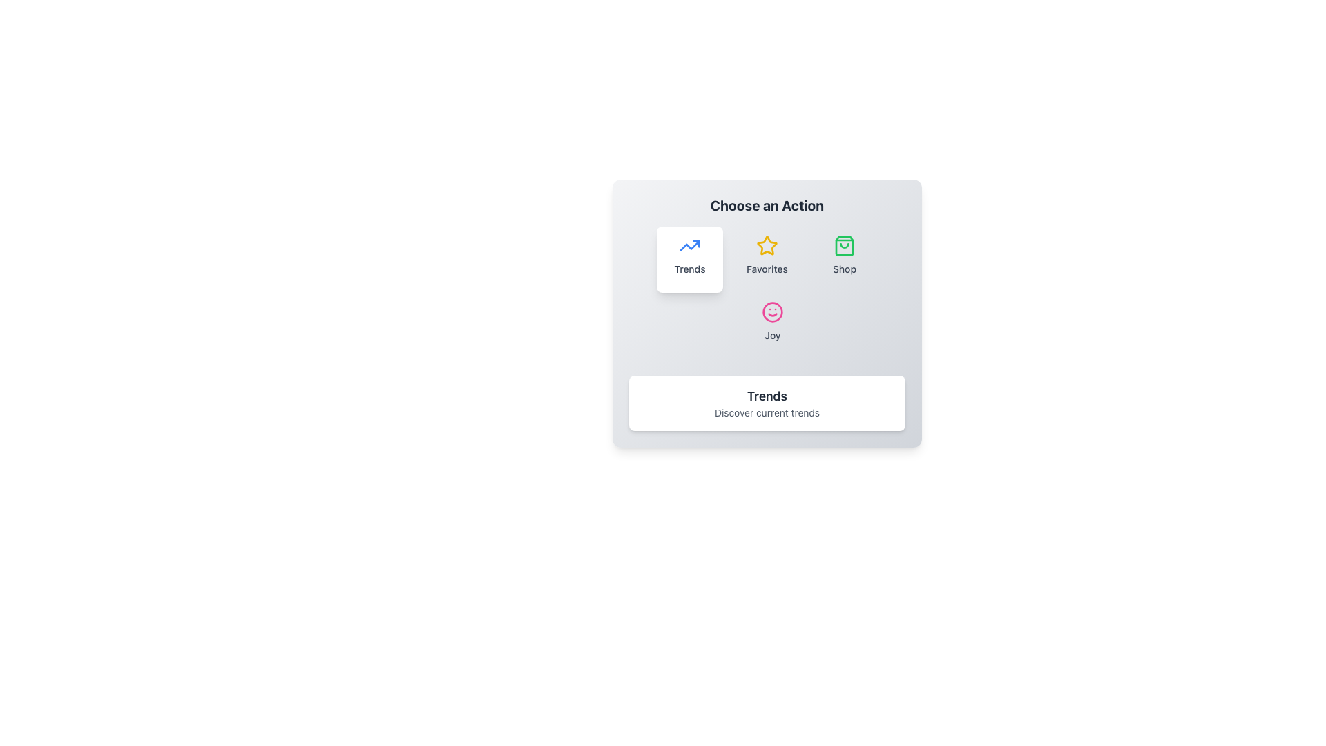 This screenshot has height=746, width=1326. Describe the element at coordinates (766, 245) in the screenshot. I see `the yellow star icon located in the upper central area of the interface` at that location.